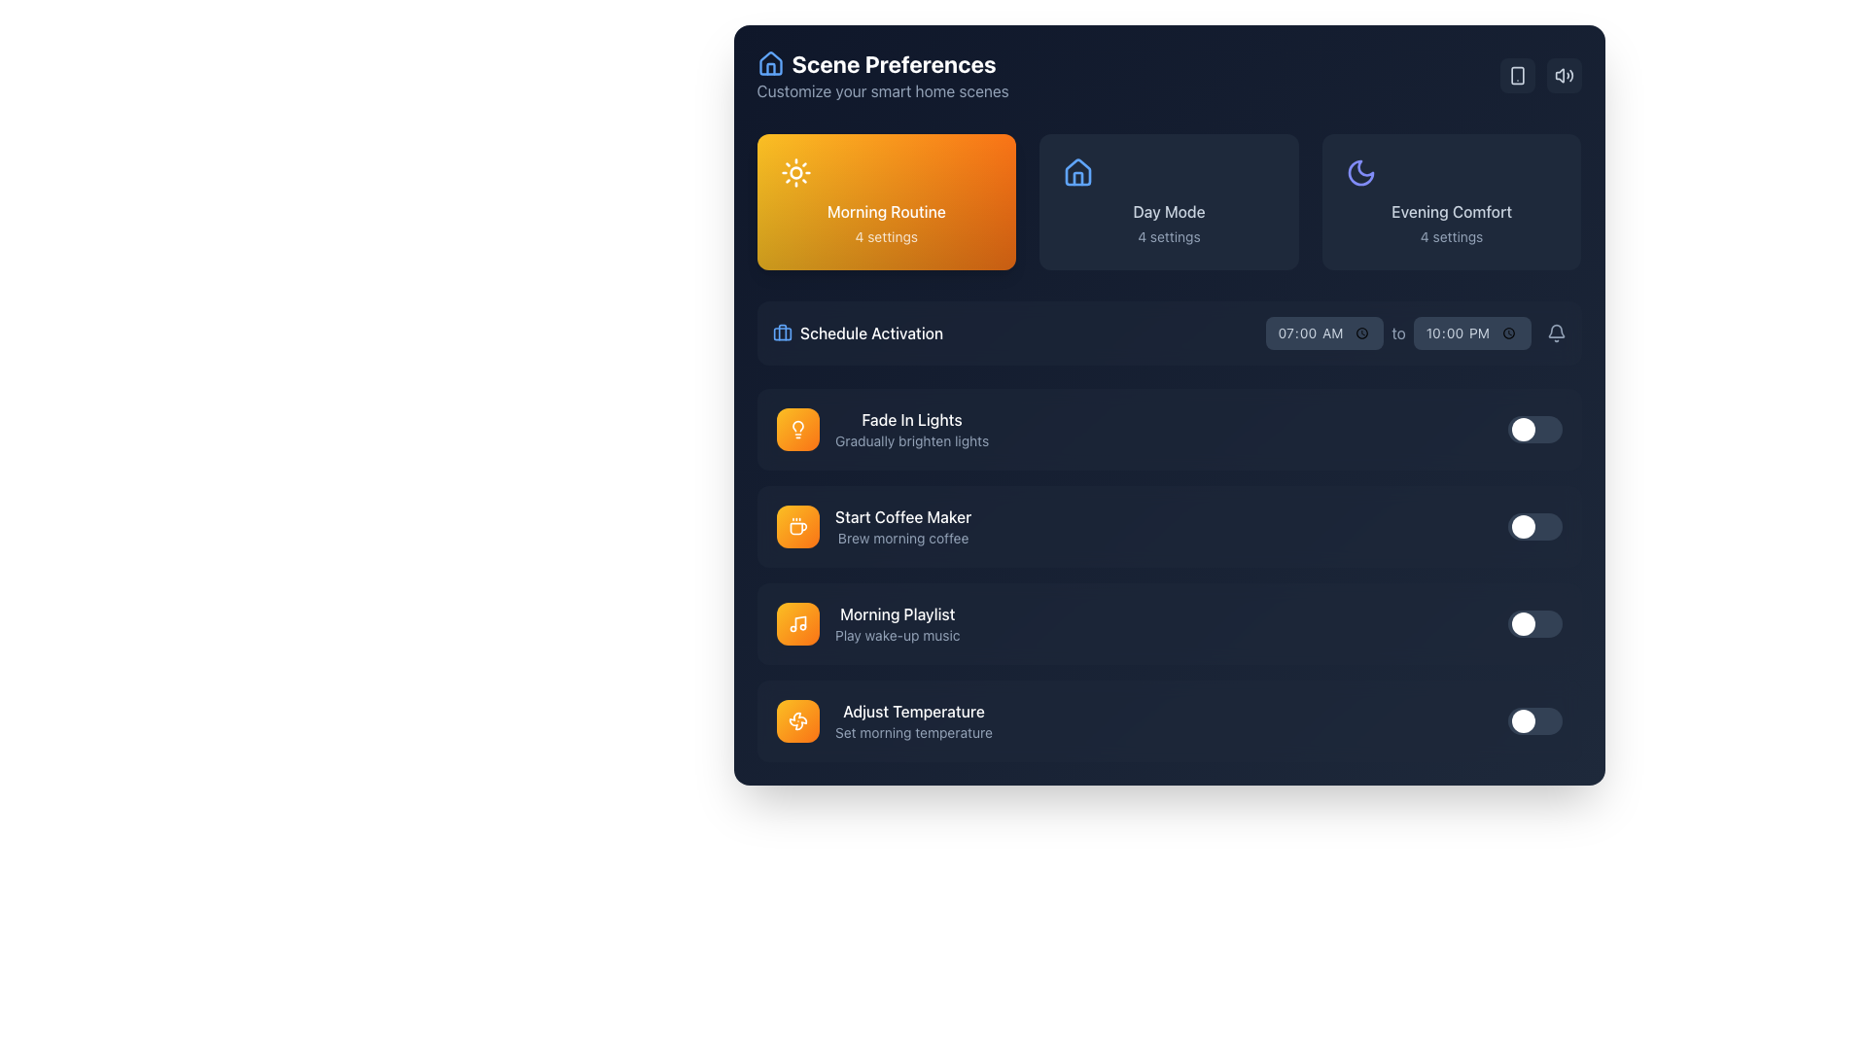  What do you see at coordinates (1533, 527) in the screenshot?
I see `the toggle switch located at the far right of the row associated with the 'Start Coffee Maker' option in the 'Scene Preferences' menu to change its state` at bounding box center [1533, 527].